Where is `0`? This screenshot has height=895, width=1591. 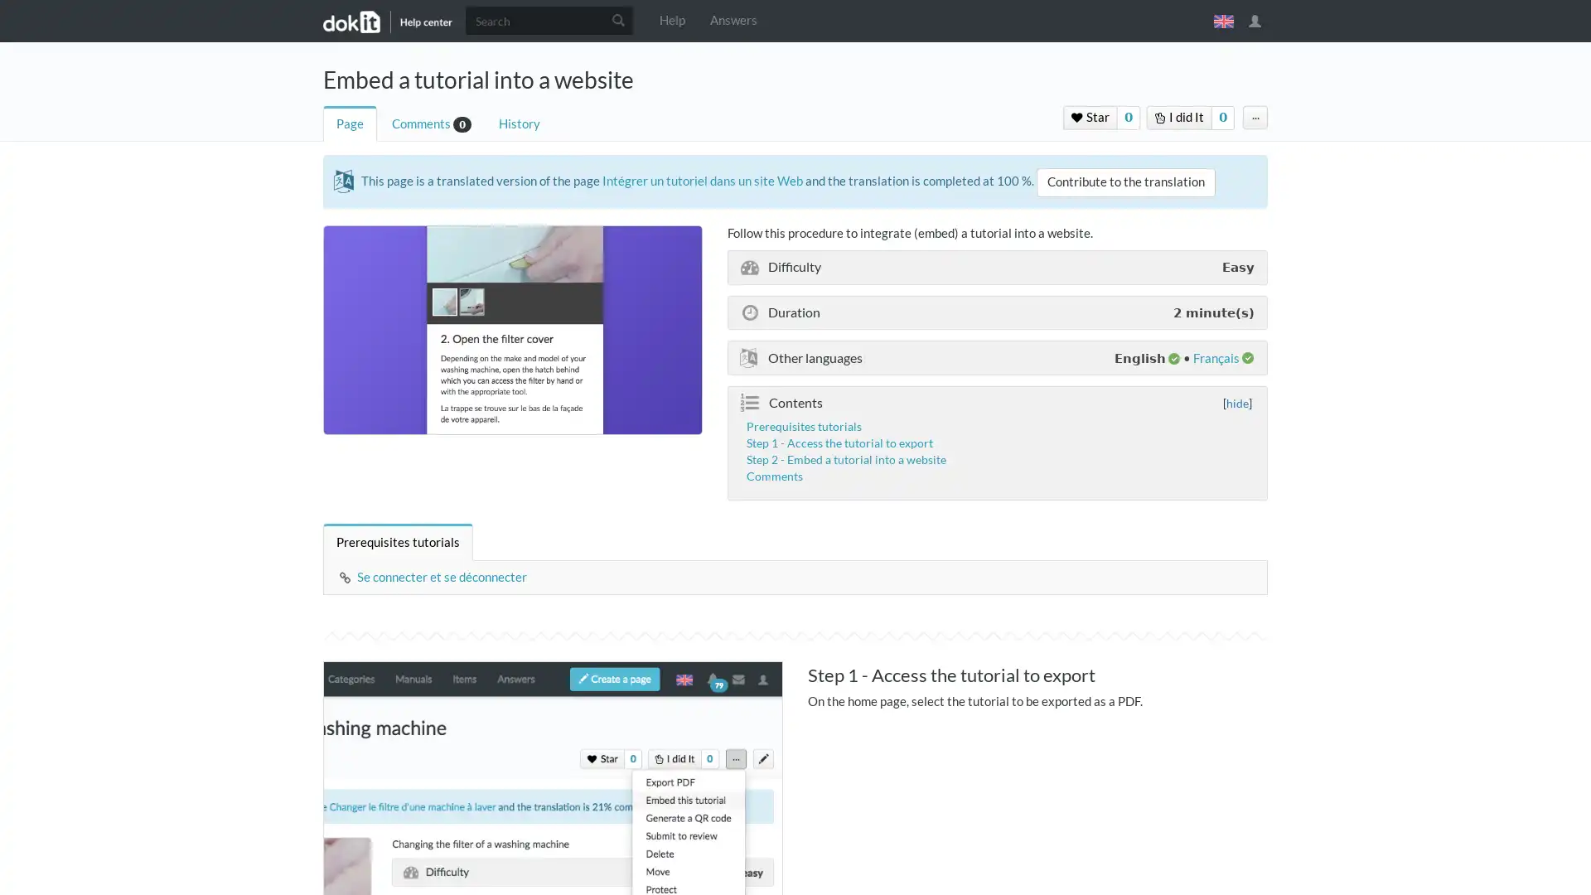 0 is located at coordinates (1128, 117).